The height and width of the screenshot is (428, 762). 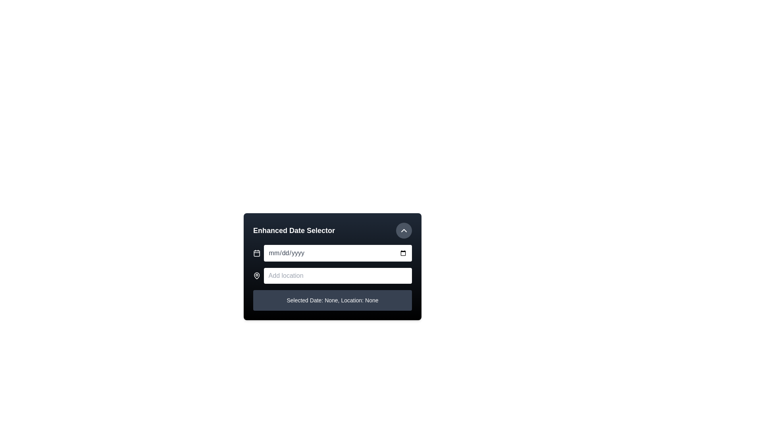 I want to click on the collapse icon located in the top-right corner of the 'Enhanced Date Selector' card, so click(x=404, y=231).